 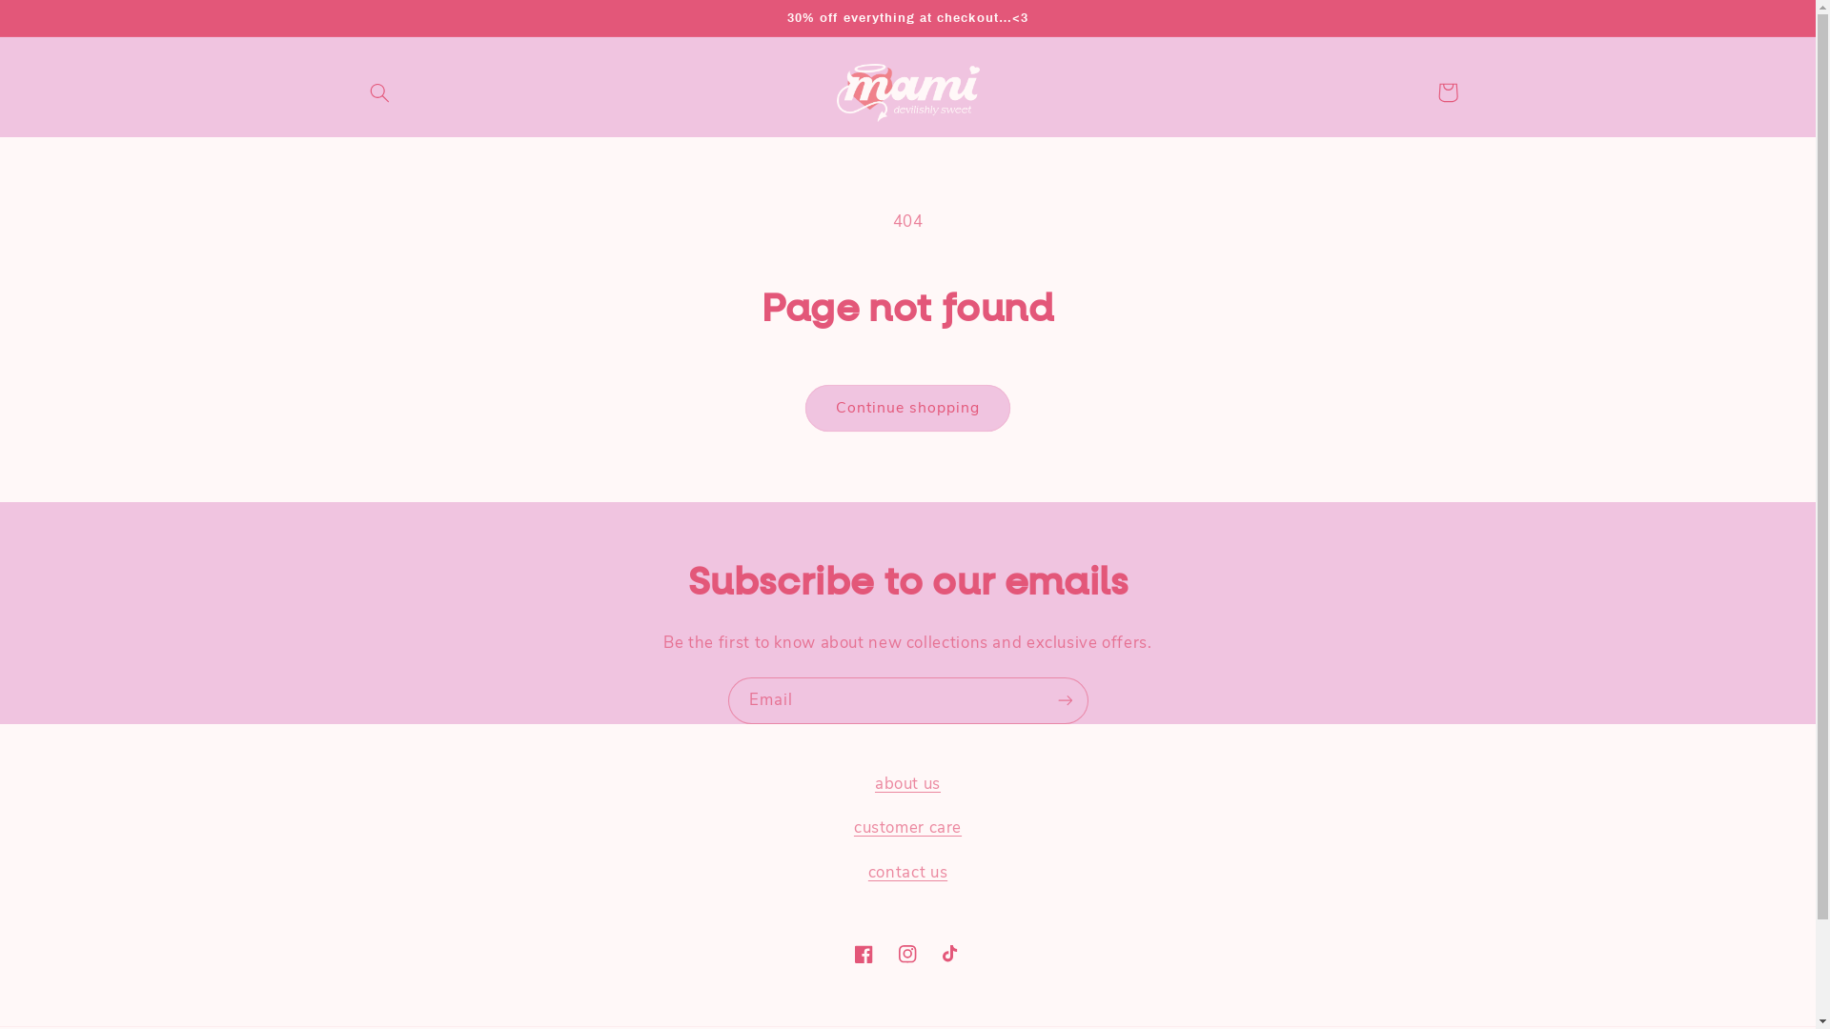 I want to click on 'TikTok', so click(x=951, y=954).